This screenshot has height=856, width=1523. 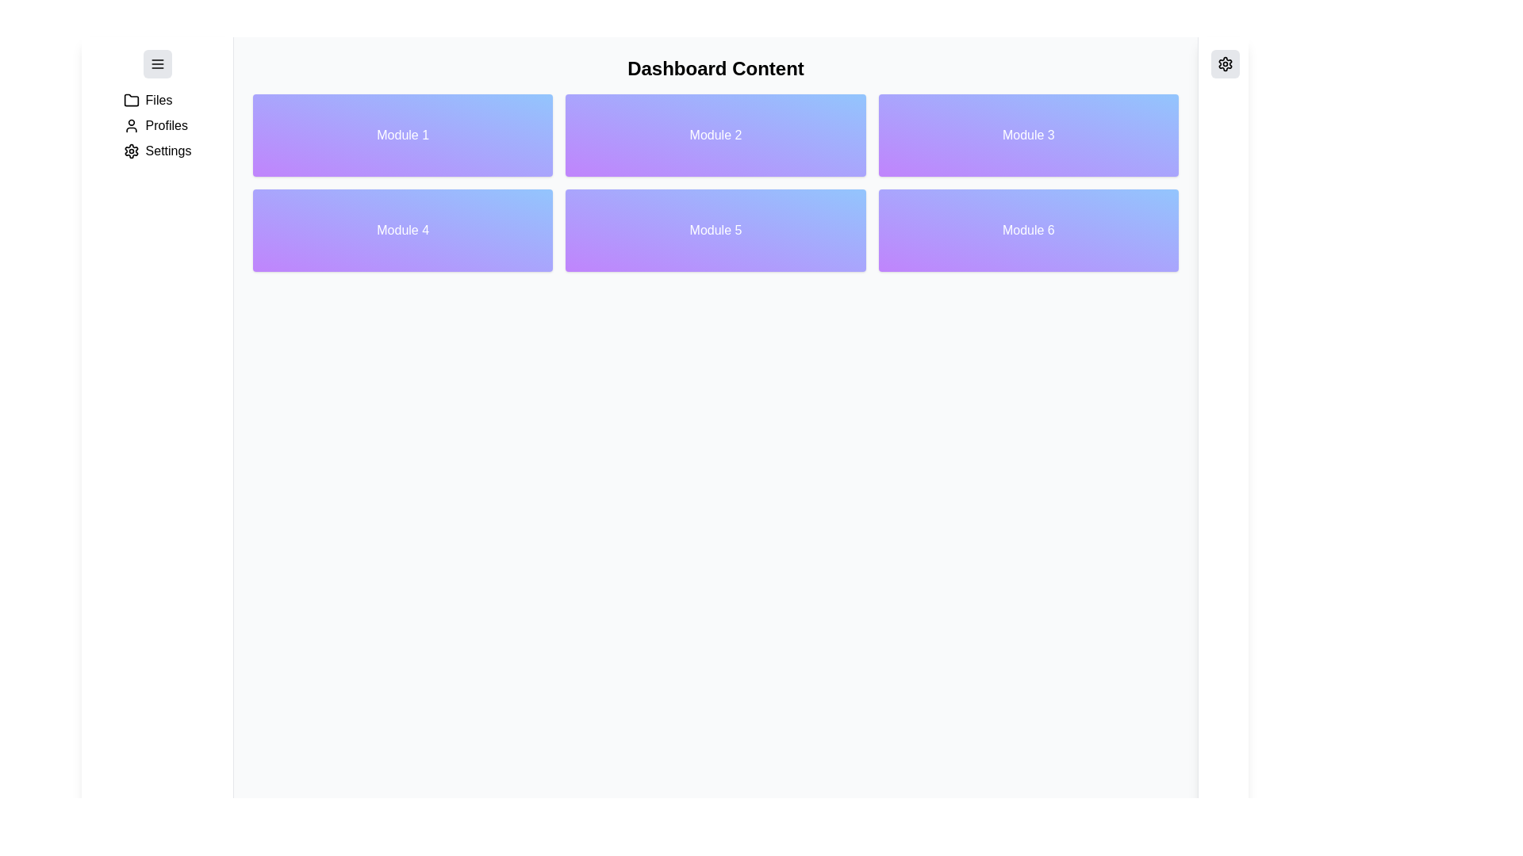 What do you see at coordinates (157, 151) in the screenshot?
I see `the 'Settings' button, which features a gear icon and is the third entry in the vertical sidebar list` at bounding box center [157, 151].